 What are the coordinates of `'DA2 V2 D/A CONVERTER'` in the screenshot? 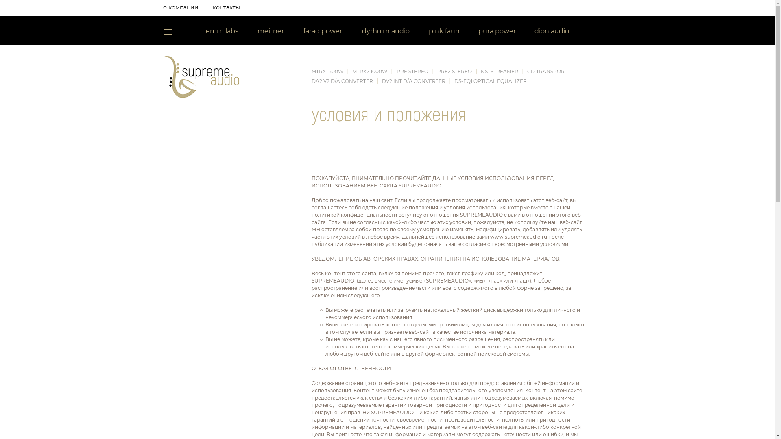 It's located at (342, 81).